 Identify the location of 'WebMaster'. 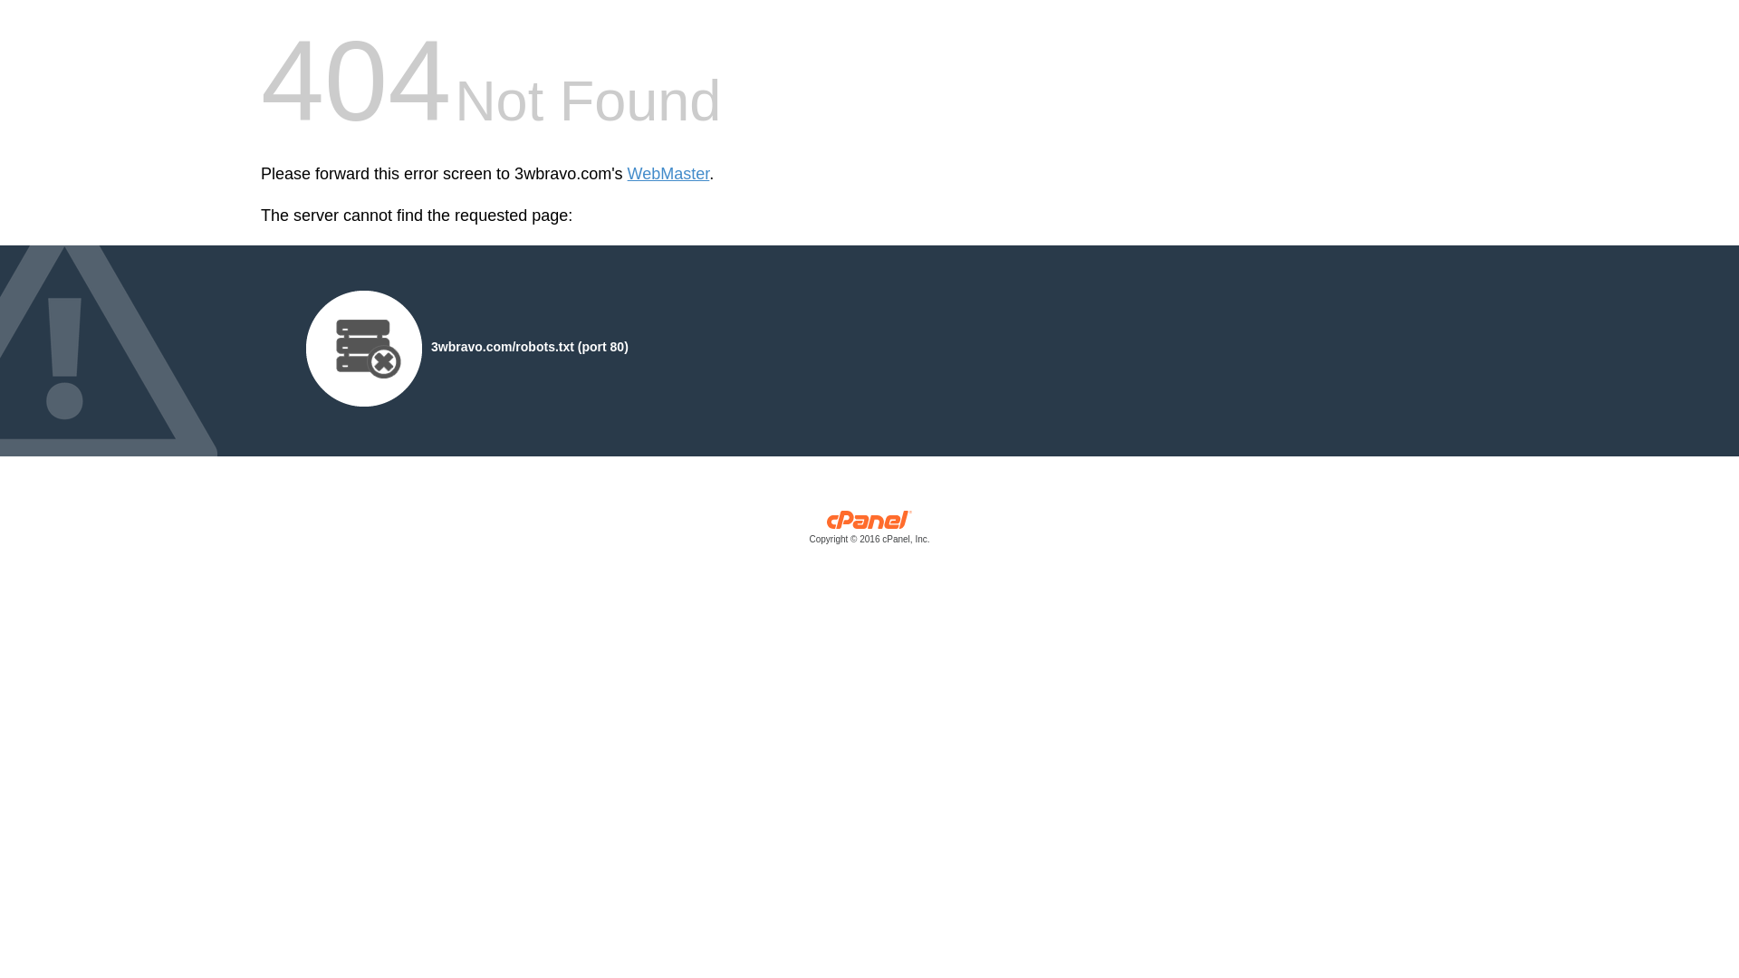
(668, 174).